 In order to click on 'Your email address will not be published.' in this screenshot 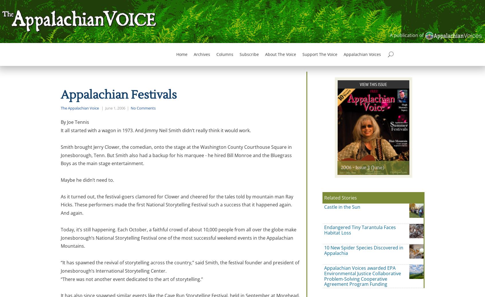, I will do `click(117, 242)`.